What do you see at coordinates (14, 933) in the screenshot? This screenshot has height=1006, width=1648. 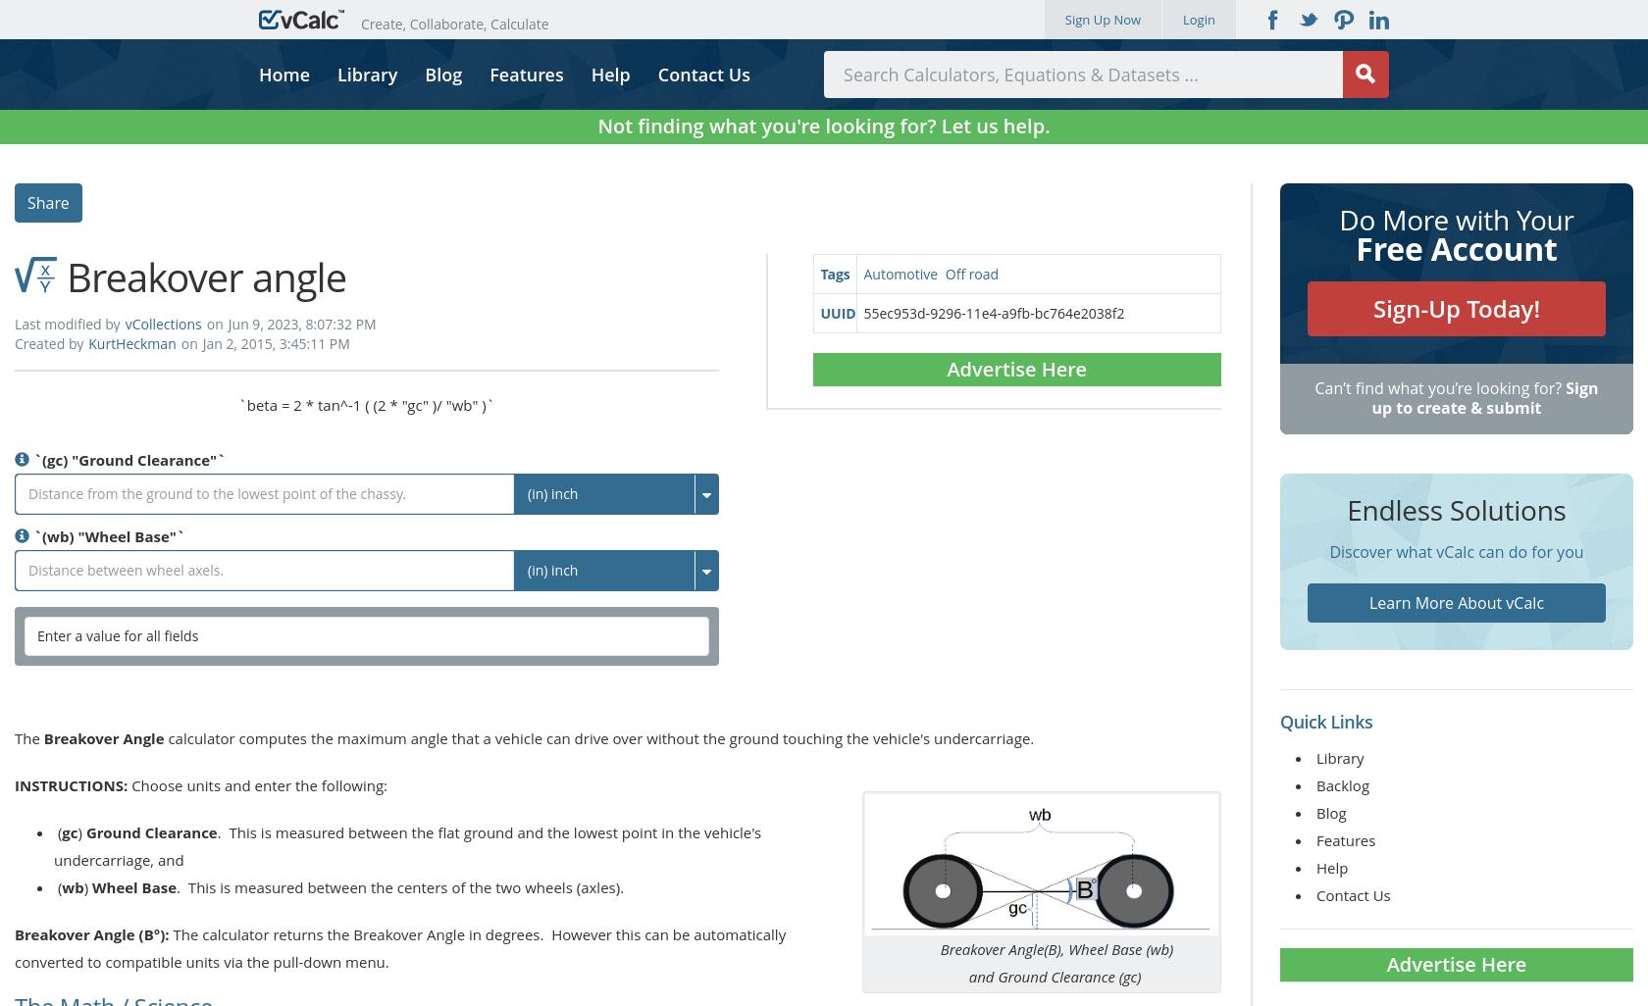 I see `'Breakover Angle (B°):'` at bounding box center [14, 933].